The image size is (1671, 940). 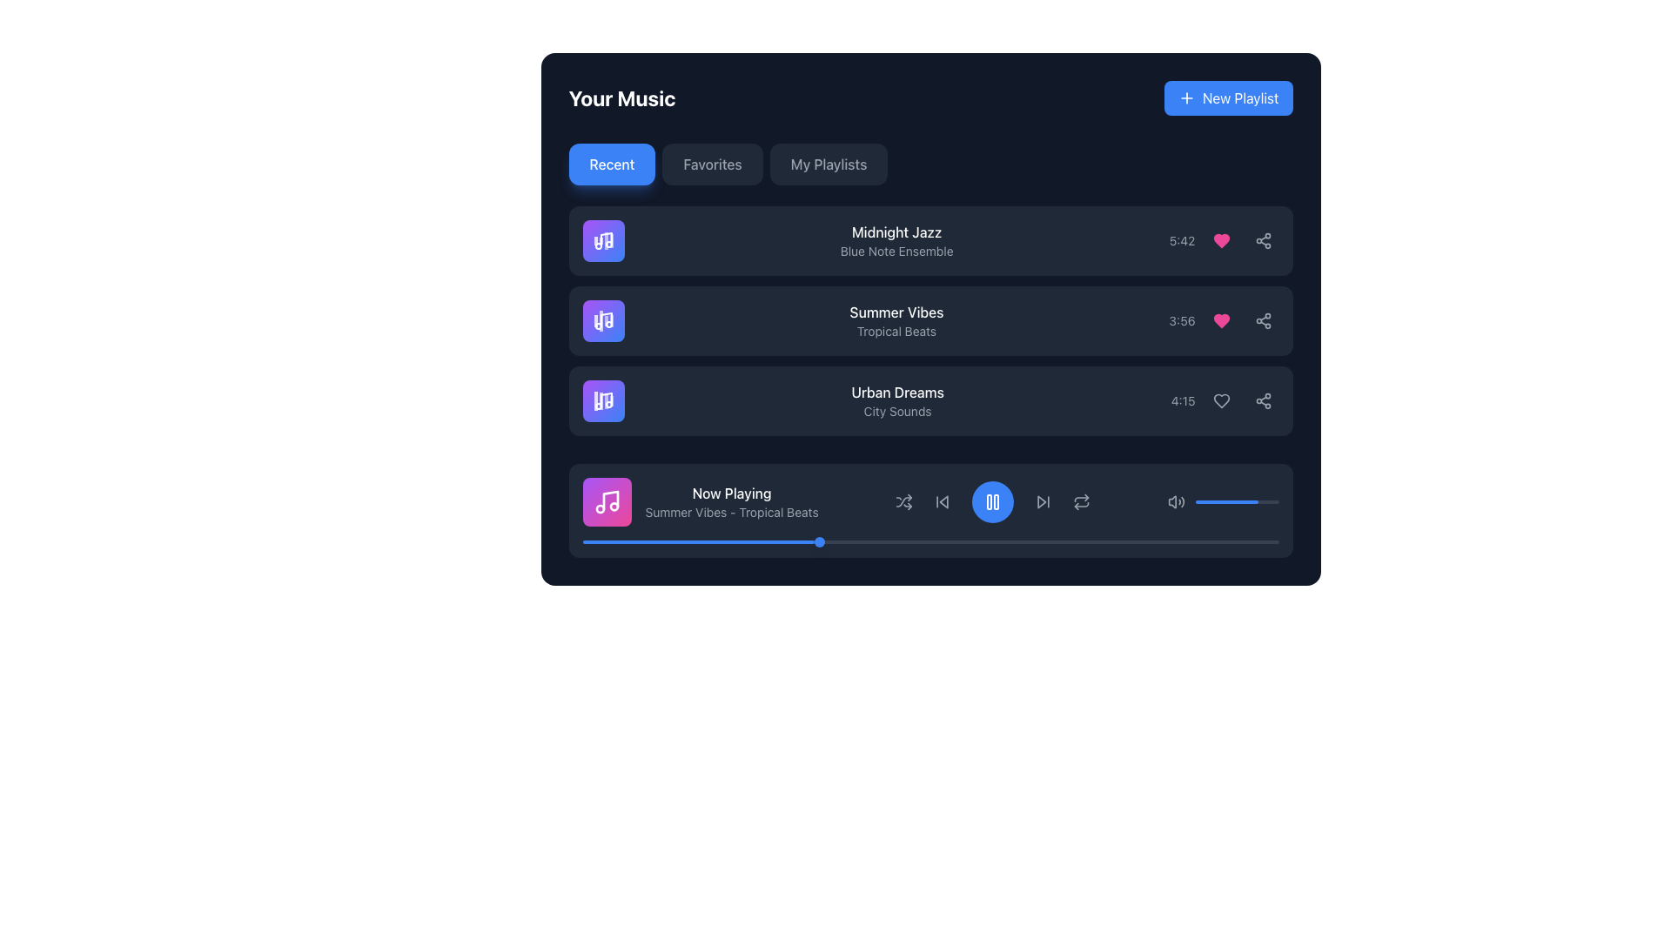 What do you see at coordinates (1263, 241) in the screenshot?
I see `the share button located to the far right of the row containing 'Midnight Jazz - 5:42', immediately following the heart-shaped button, to change its color` at bounding box center [1263, 241].